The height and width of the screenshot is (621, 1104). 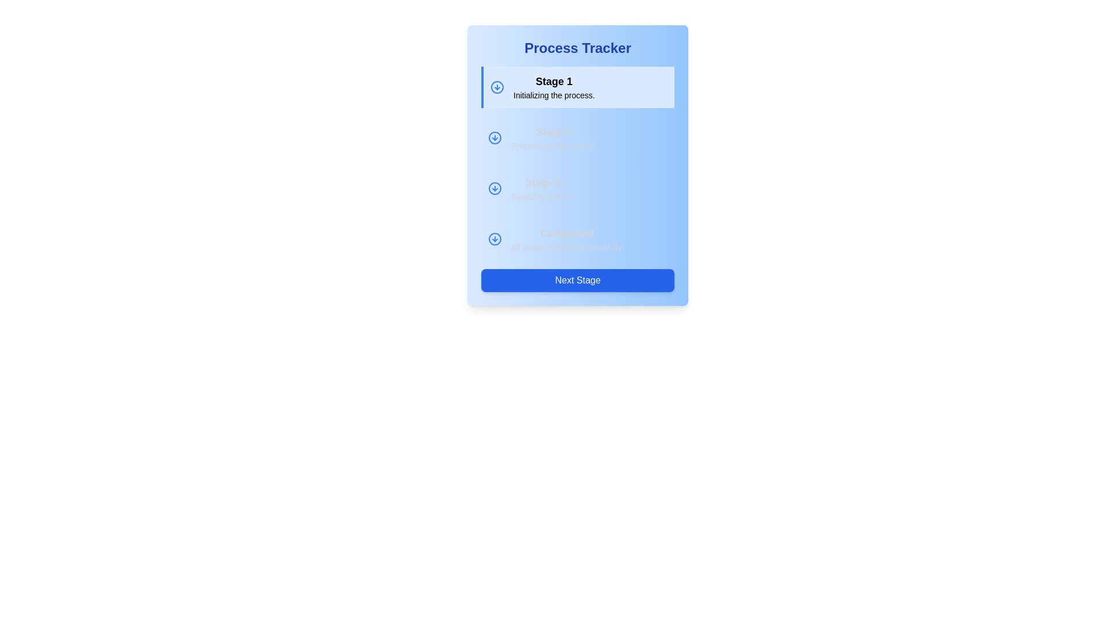 I want to click on the active stage indicator icon located next to 'Stage 1' in the list of steps, which is emphasized with blue coloring, so click(x=497, y=86).